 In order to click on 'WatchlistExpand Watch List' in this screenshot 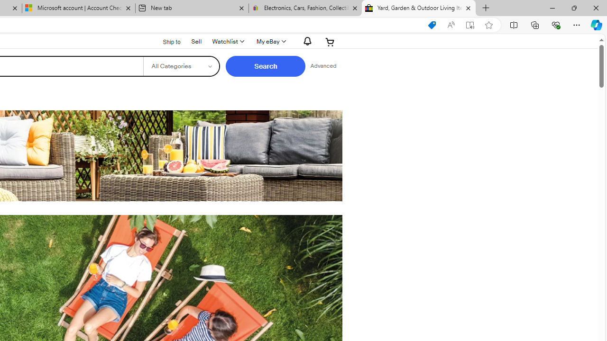, I will do `click(228, 41)`.